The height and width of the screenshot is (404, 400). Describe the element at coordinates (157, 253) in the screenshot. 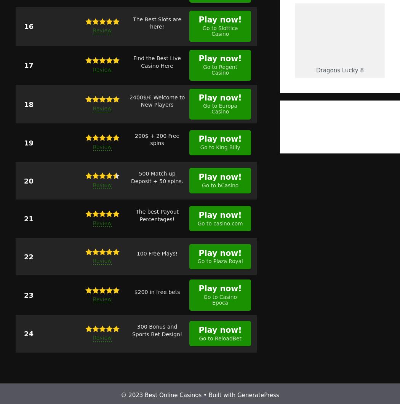

I see `'100 Free Plays!'` at that location.